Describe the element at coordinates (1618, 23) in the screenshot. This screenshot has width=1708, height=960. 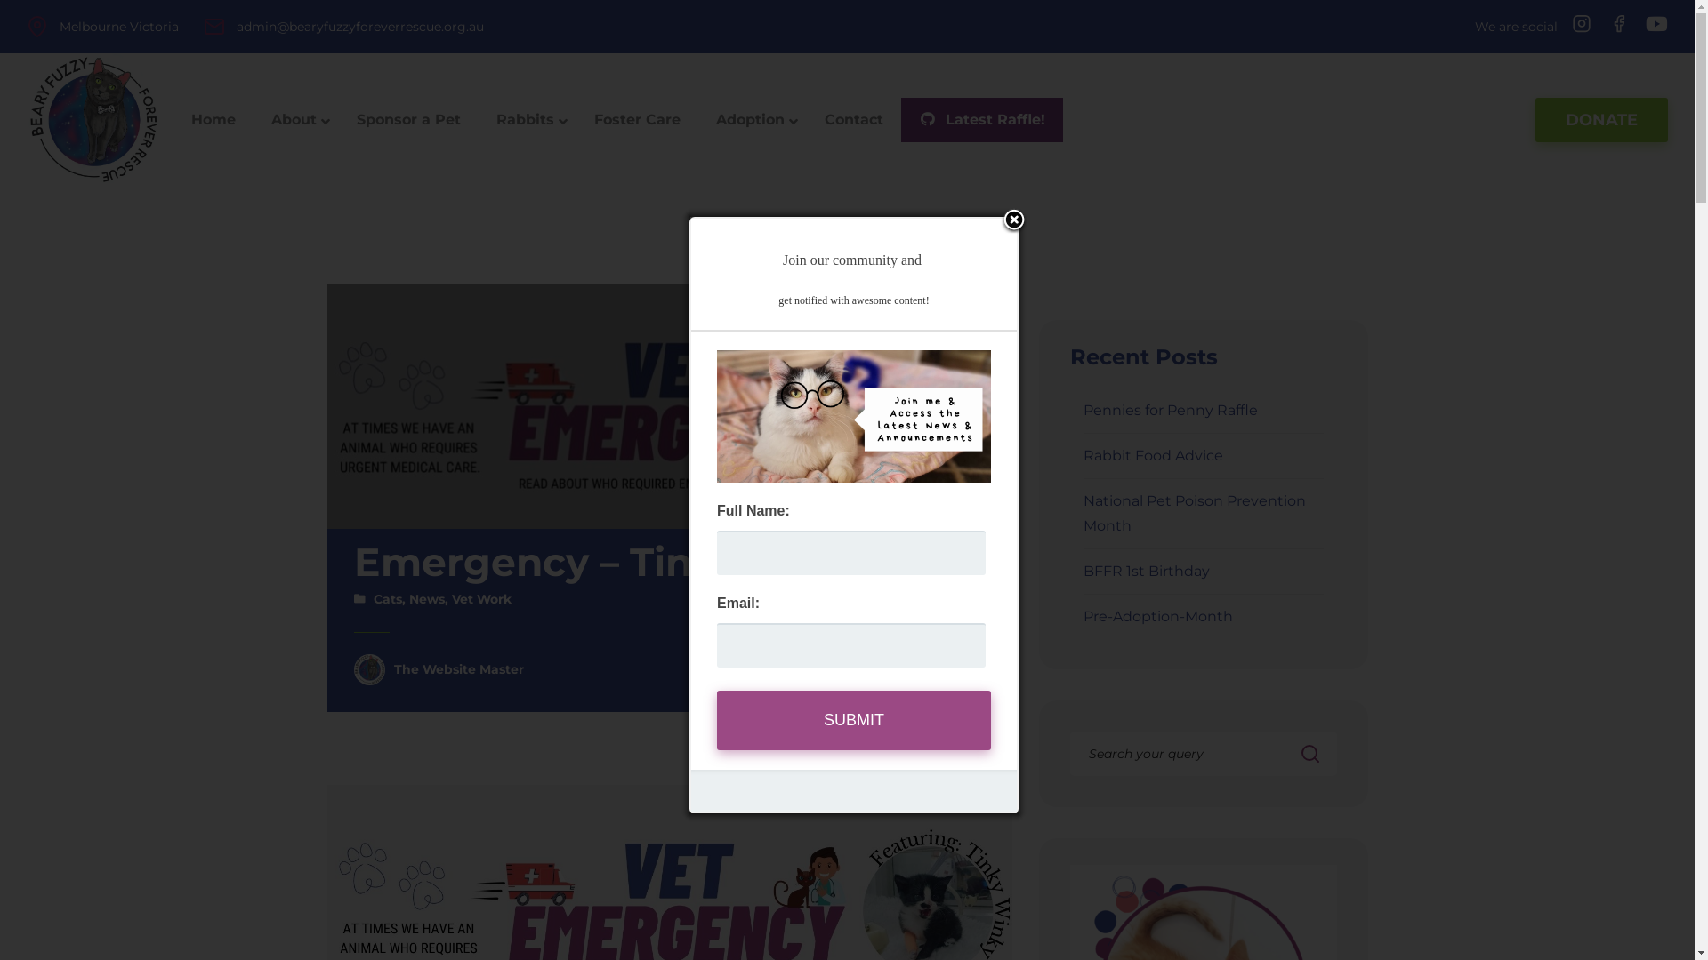
I see `'Facebook'` at that location.